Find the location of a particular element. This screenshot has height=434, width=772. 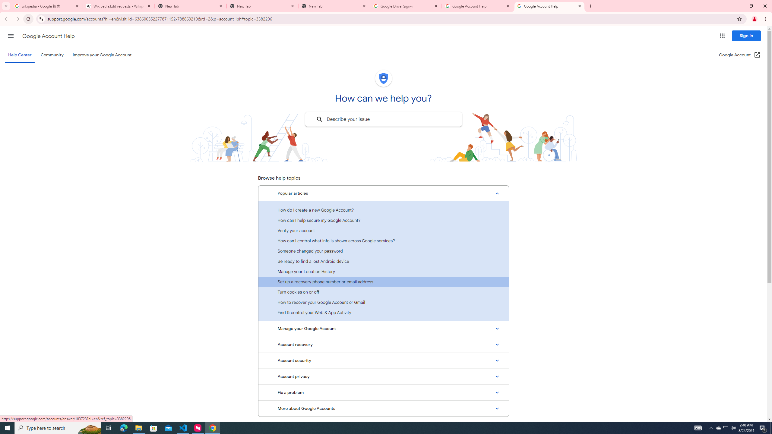

'Wikipedia:Edit requests - Wikipedia' is located at coordinates (119, 6).